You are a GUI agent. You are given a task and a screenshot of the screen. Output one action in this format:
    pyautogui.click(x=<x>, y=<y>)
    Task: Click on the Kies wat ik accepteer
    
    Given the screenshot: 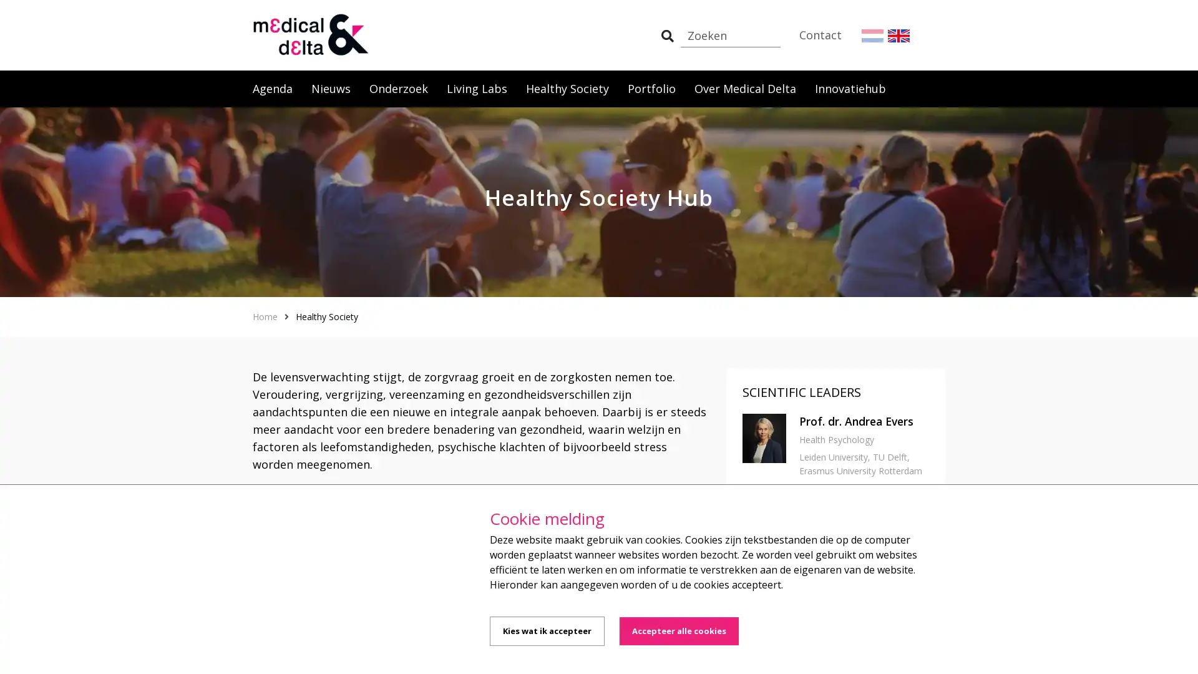 What is the action you would take?
    pyautogui.click(x=547, y=631)
    